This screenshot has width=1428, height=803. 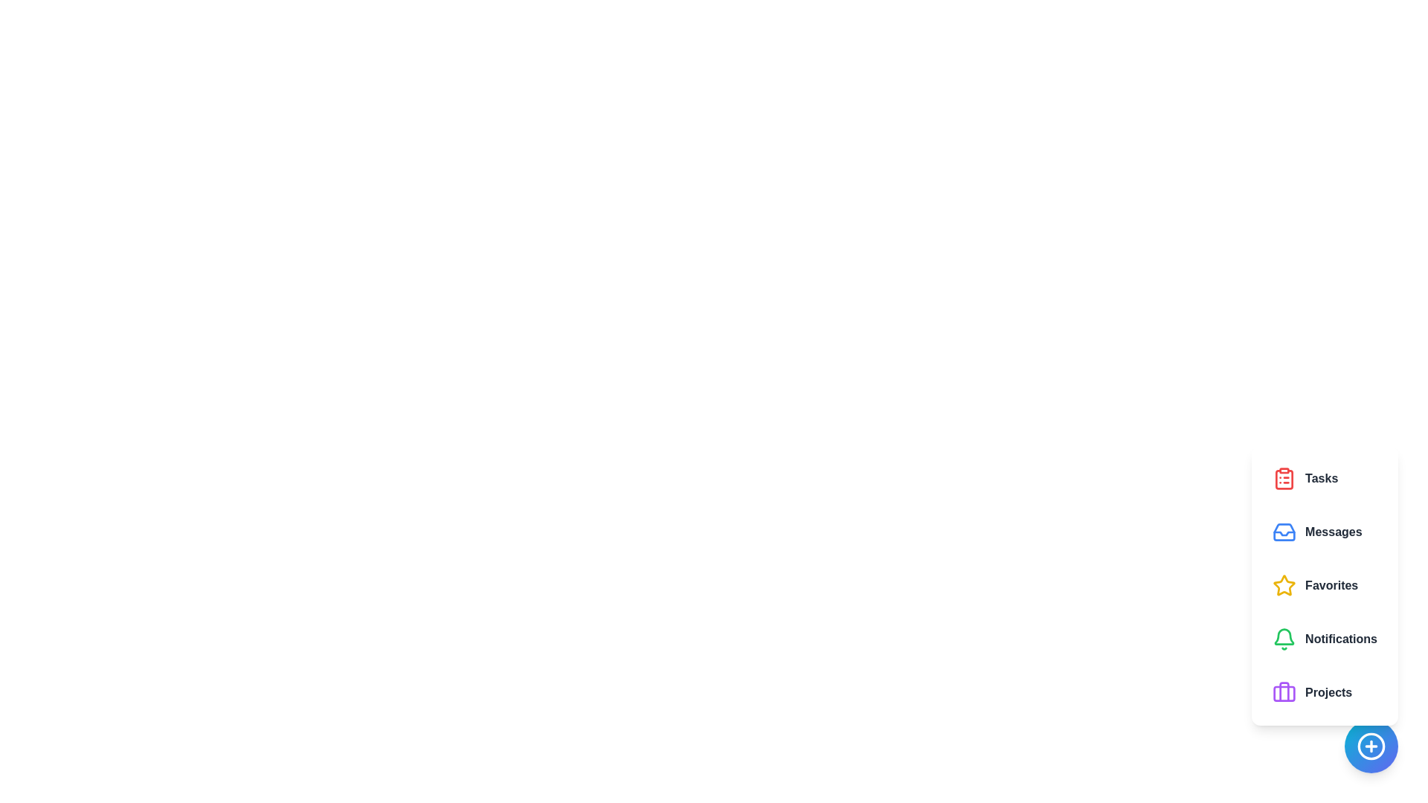 What do you see at coordinates (1325, 693) in the screenshot?
I see `the button labeled Projects to observe visual feedback` at bounding box center [1325, 693].